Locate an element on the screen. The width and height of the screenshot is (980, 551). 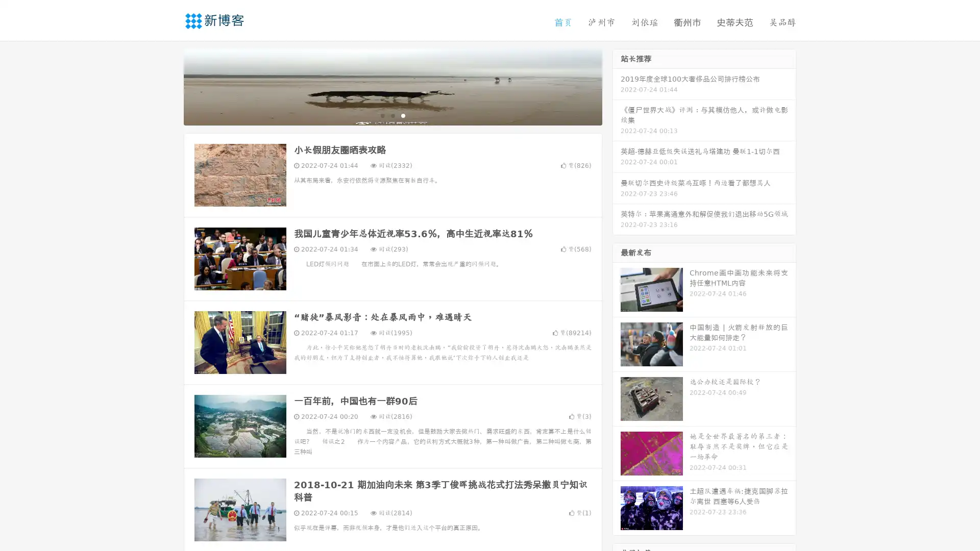
Go to slide 3 is located at coordinates (403, 115).